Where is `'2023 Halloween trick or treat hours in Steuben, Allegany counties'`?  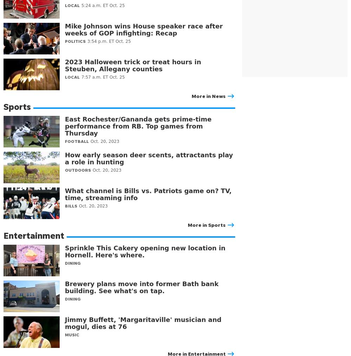
'2023 Halloween trick or treat hours in Steuben, Allegany counties' is located at coordinates (133, 65).